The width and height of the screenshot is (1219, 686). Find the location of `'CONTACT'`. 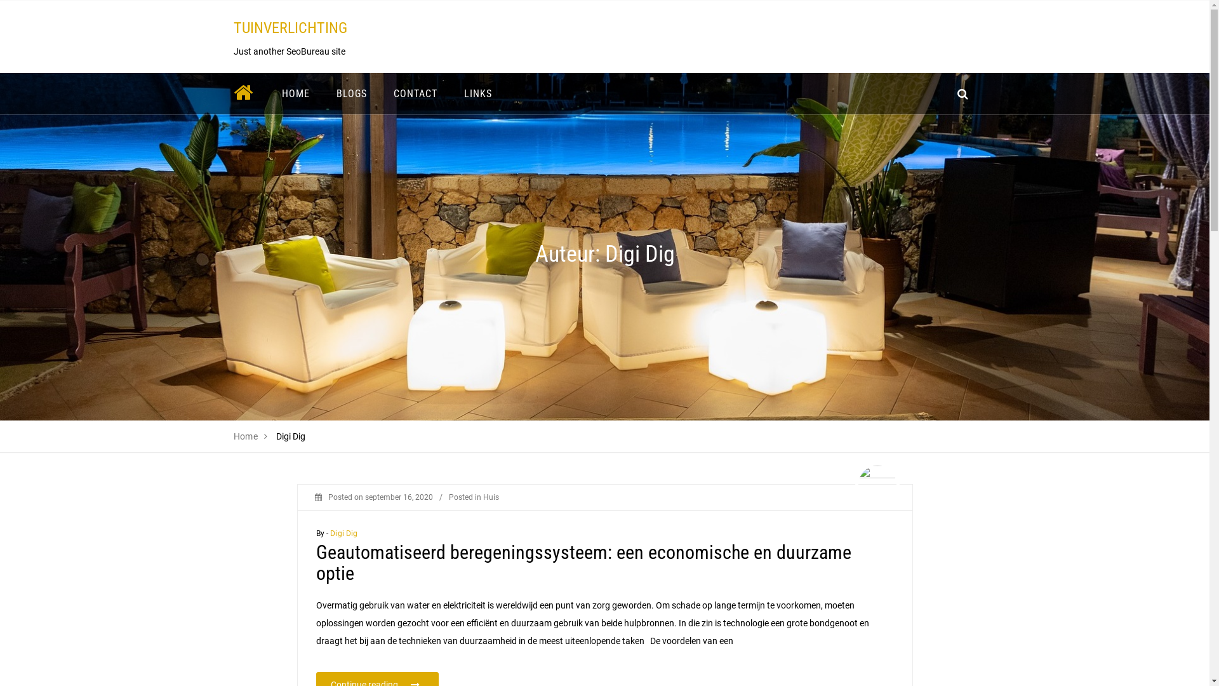

'CONTACT' is located at coordinates (415, 93).